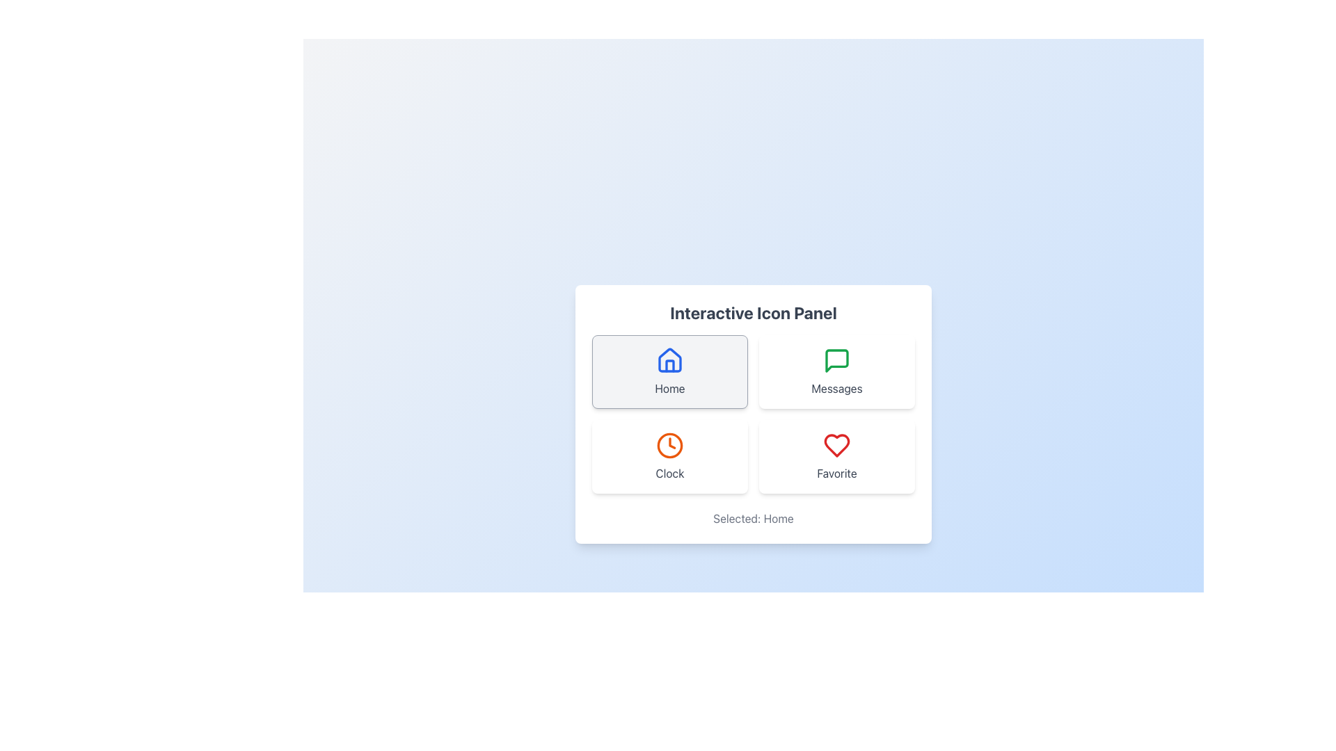  What do you see at coordinates (753, 518) in the screenshot?
I see `text from the feedback Text Label located at the bottom of the 'Interactive Icon Panel' card, which indicates the currently selected option from the grid above` at bounding box center [753, 518].